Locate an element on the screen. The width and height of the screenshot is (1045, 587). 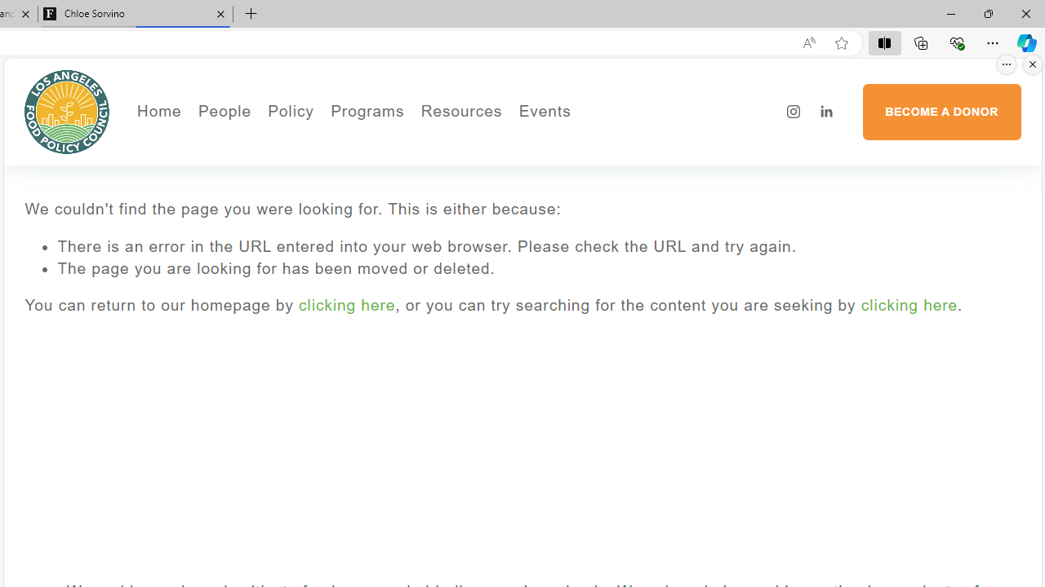
'Instagram' is located at coordinates (794, 111).